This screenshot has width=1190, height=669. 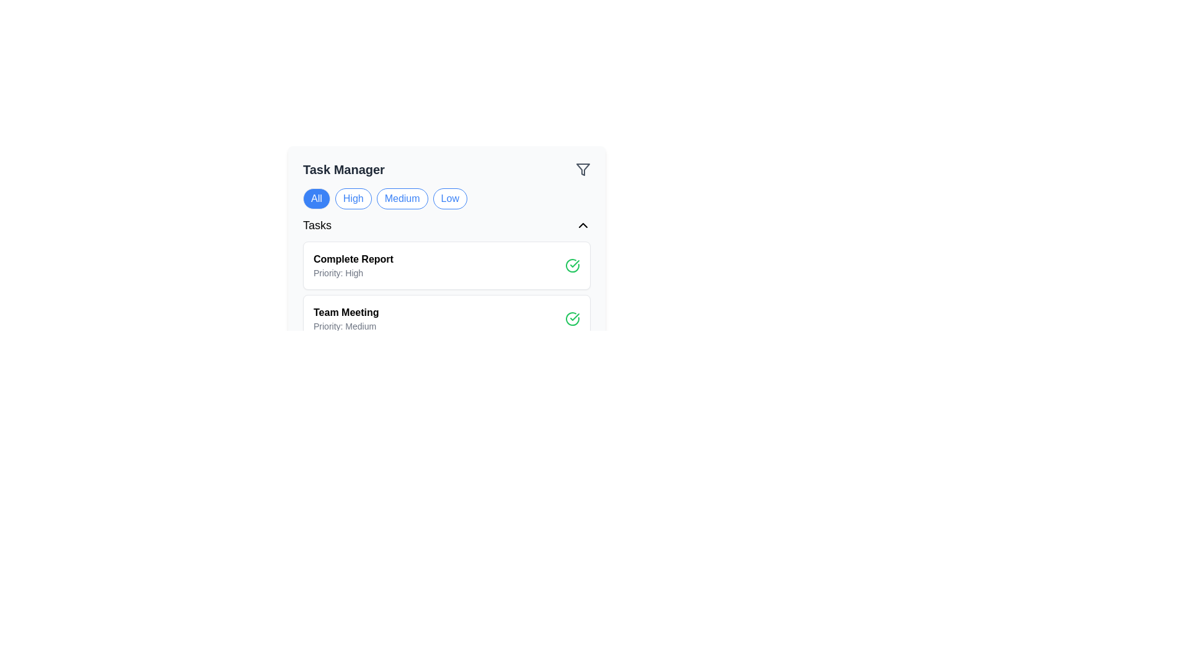 What do you see at coordinates (446, 292) in the screenshot?
I see `a task card within the 'Task Manager' section` at bounding box center [446, 292].